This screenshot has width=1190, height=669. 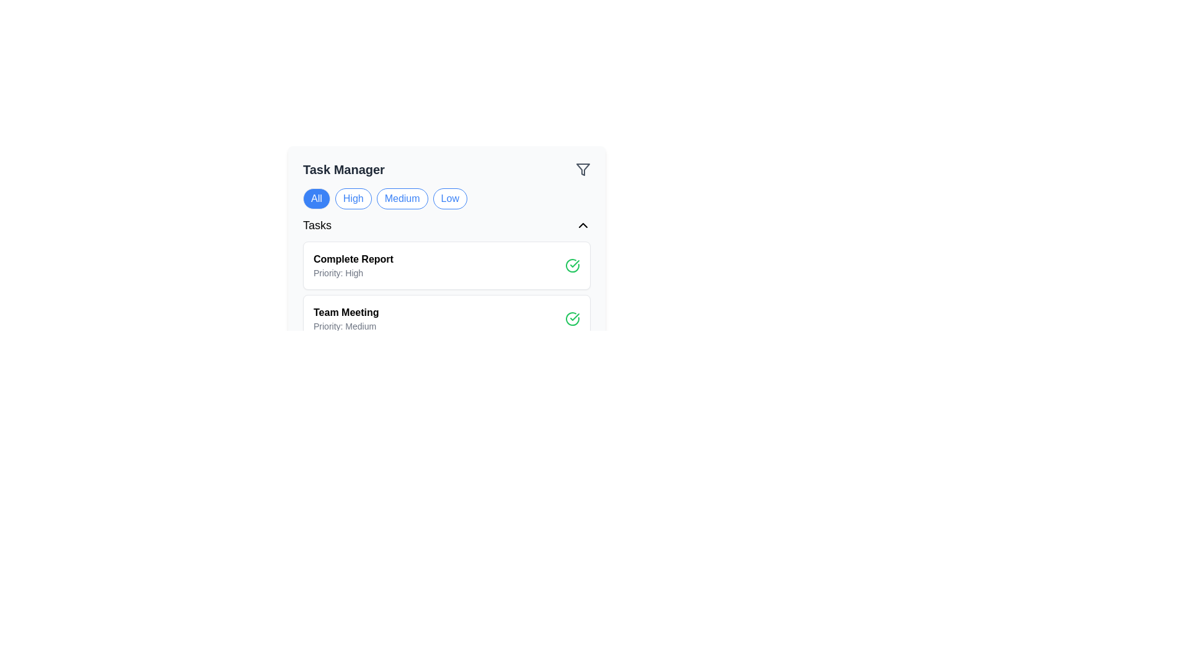 What do you see at coordinates (446, 292) in the screenshot?
I see `a task card within the 'Task Manager' section` at bounding box center [446, 292].